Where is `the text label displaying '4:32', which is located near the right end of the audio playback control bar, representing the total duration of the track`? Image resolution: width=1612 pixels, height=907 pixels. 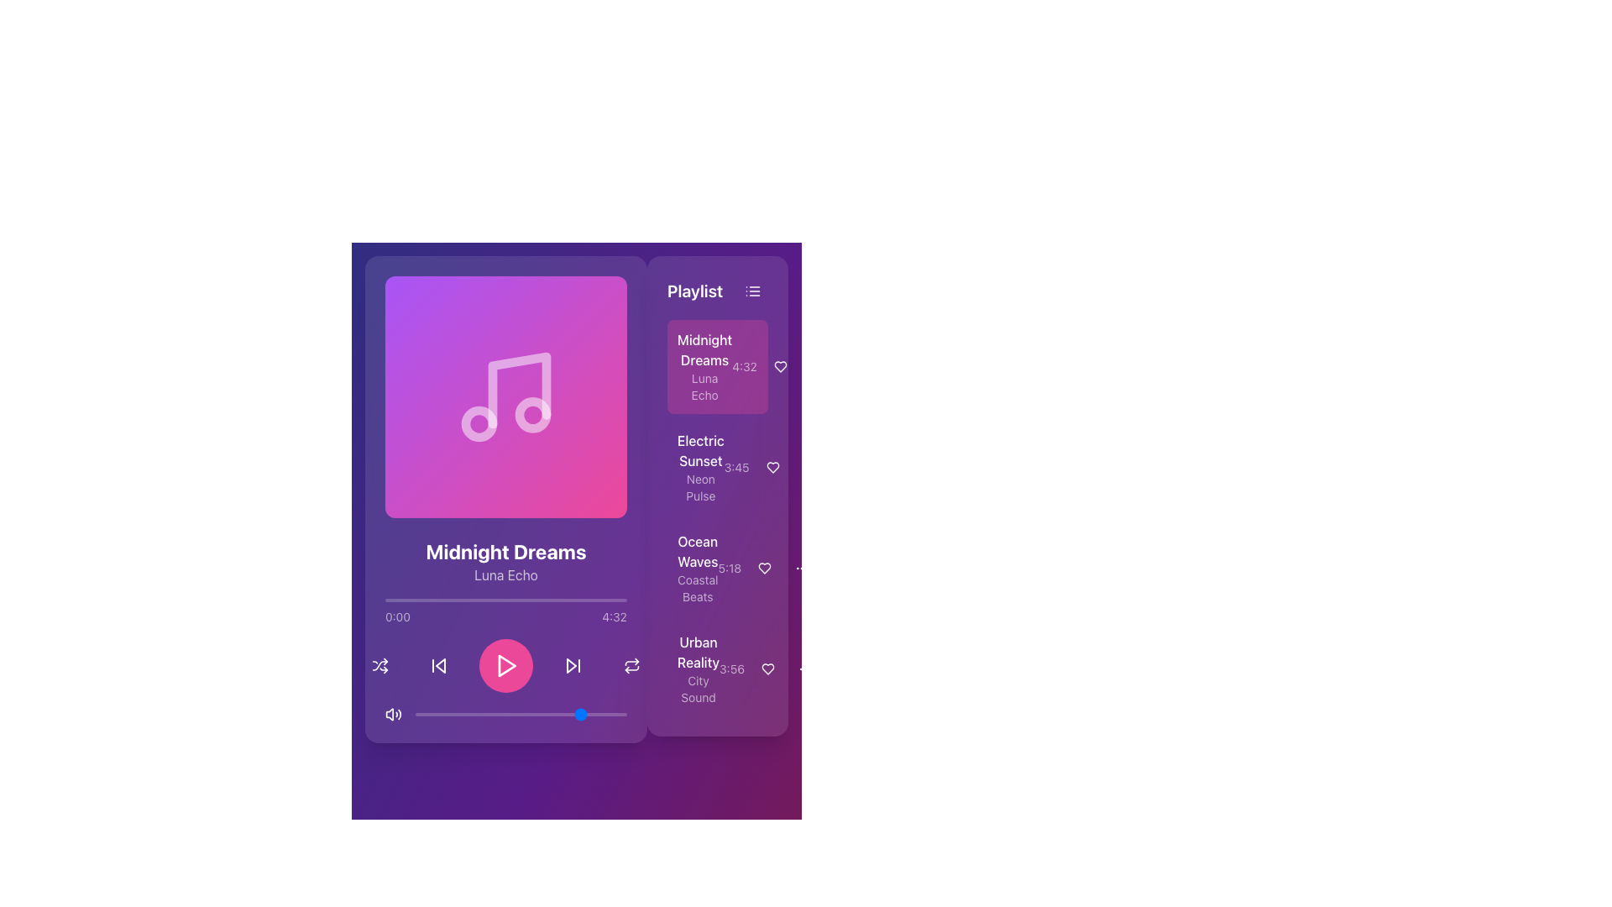
the text label displaying '4:32', which is located near the right end of the audio playback control bar, representing the total duration of the track is located at coordinates (614, 617).